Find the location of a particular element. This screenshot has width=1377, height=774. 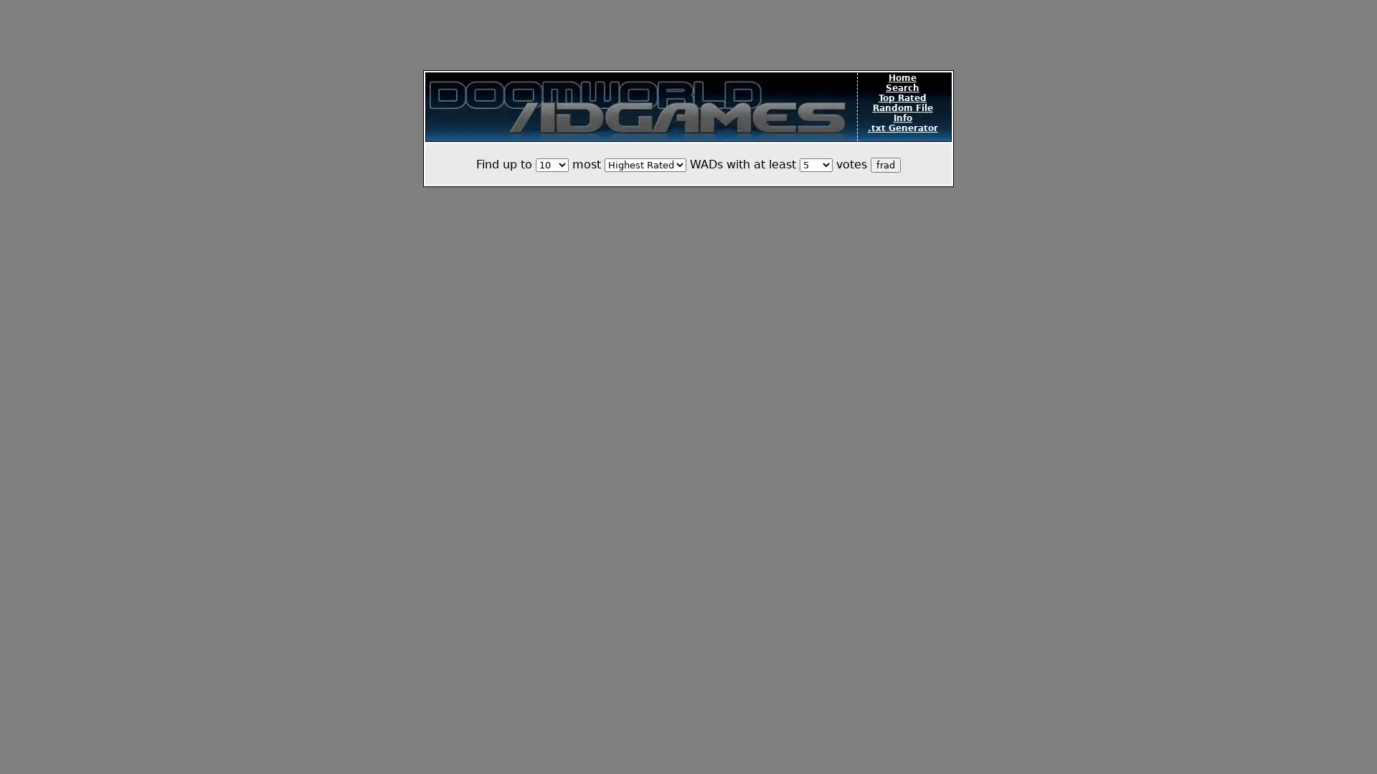

frad is located at coordinates (884, 164).